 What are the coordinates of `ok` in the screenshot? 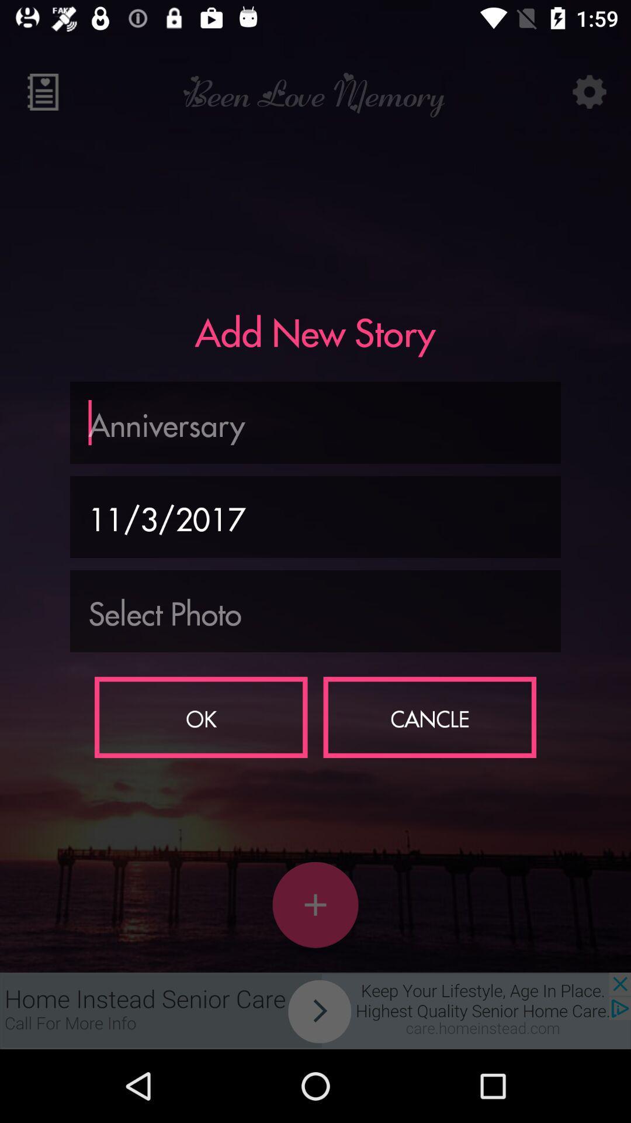 It's located at (200, 716).